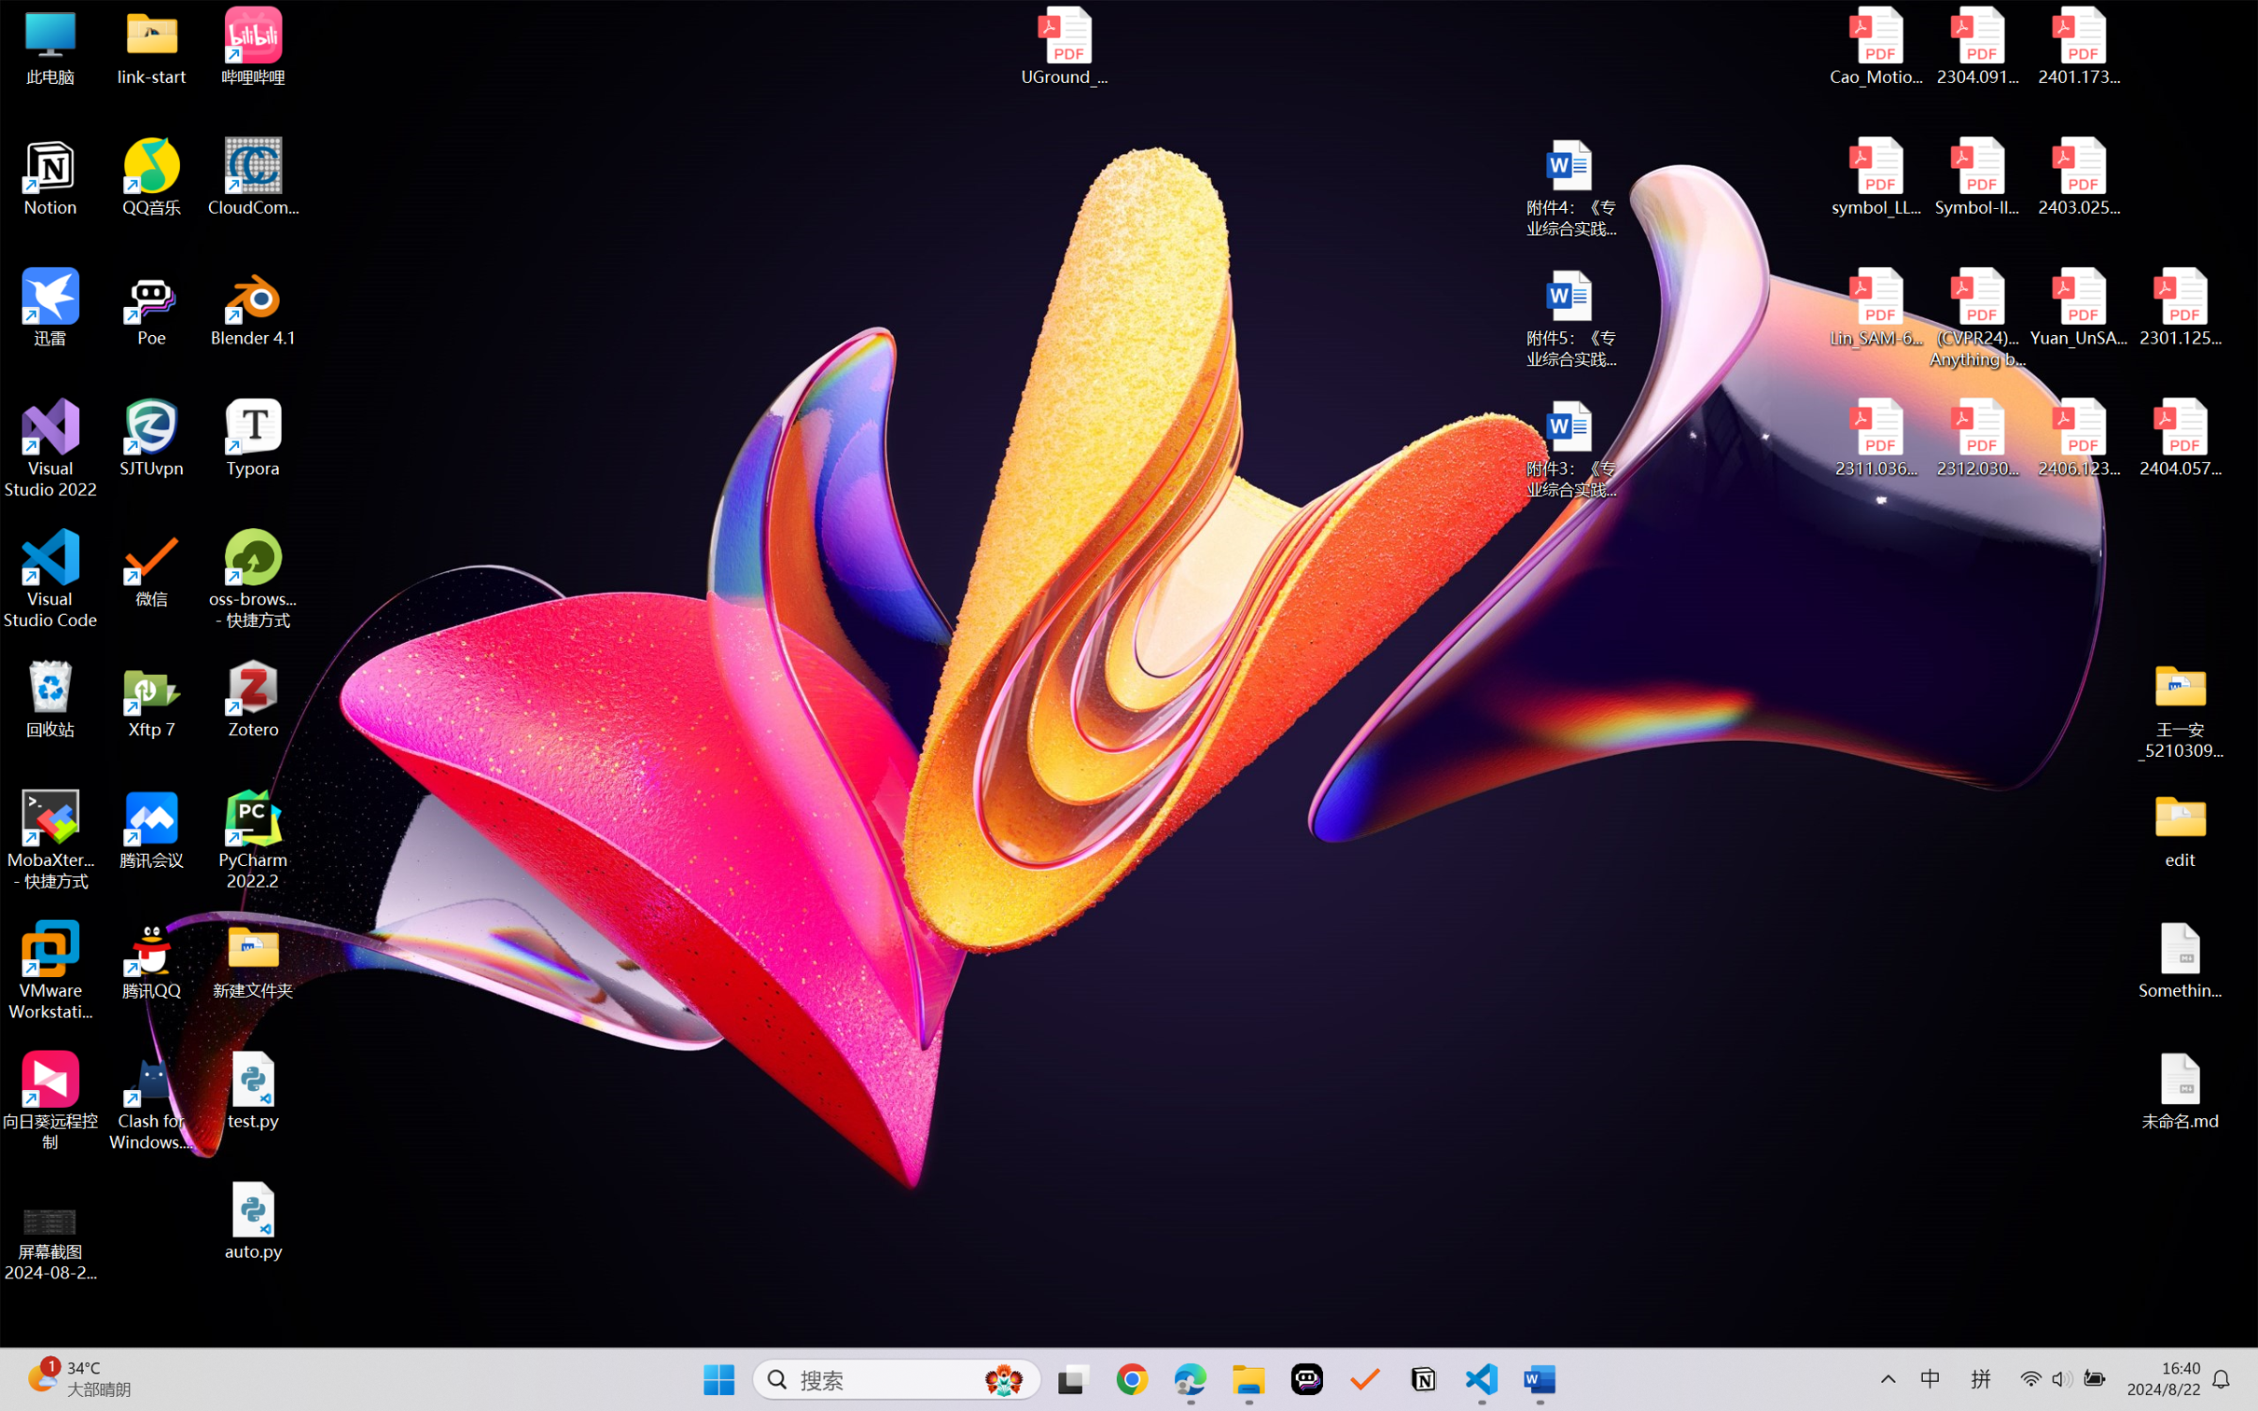  What do you see at coordinates (253, 438) in the screenshot?
I see `'Typora'` at bounding box center [253, 438].